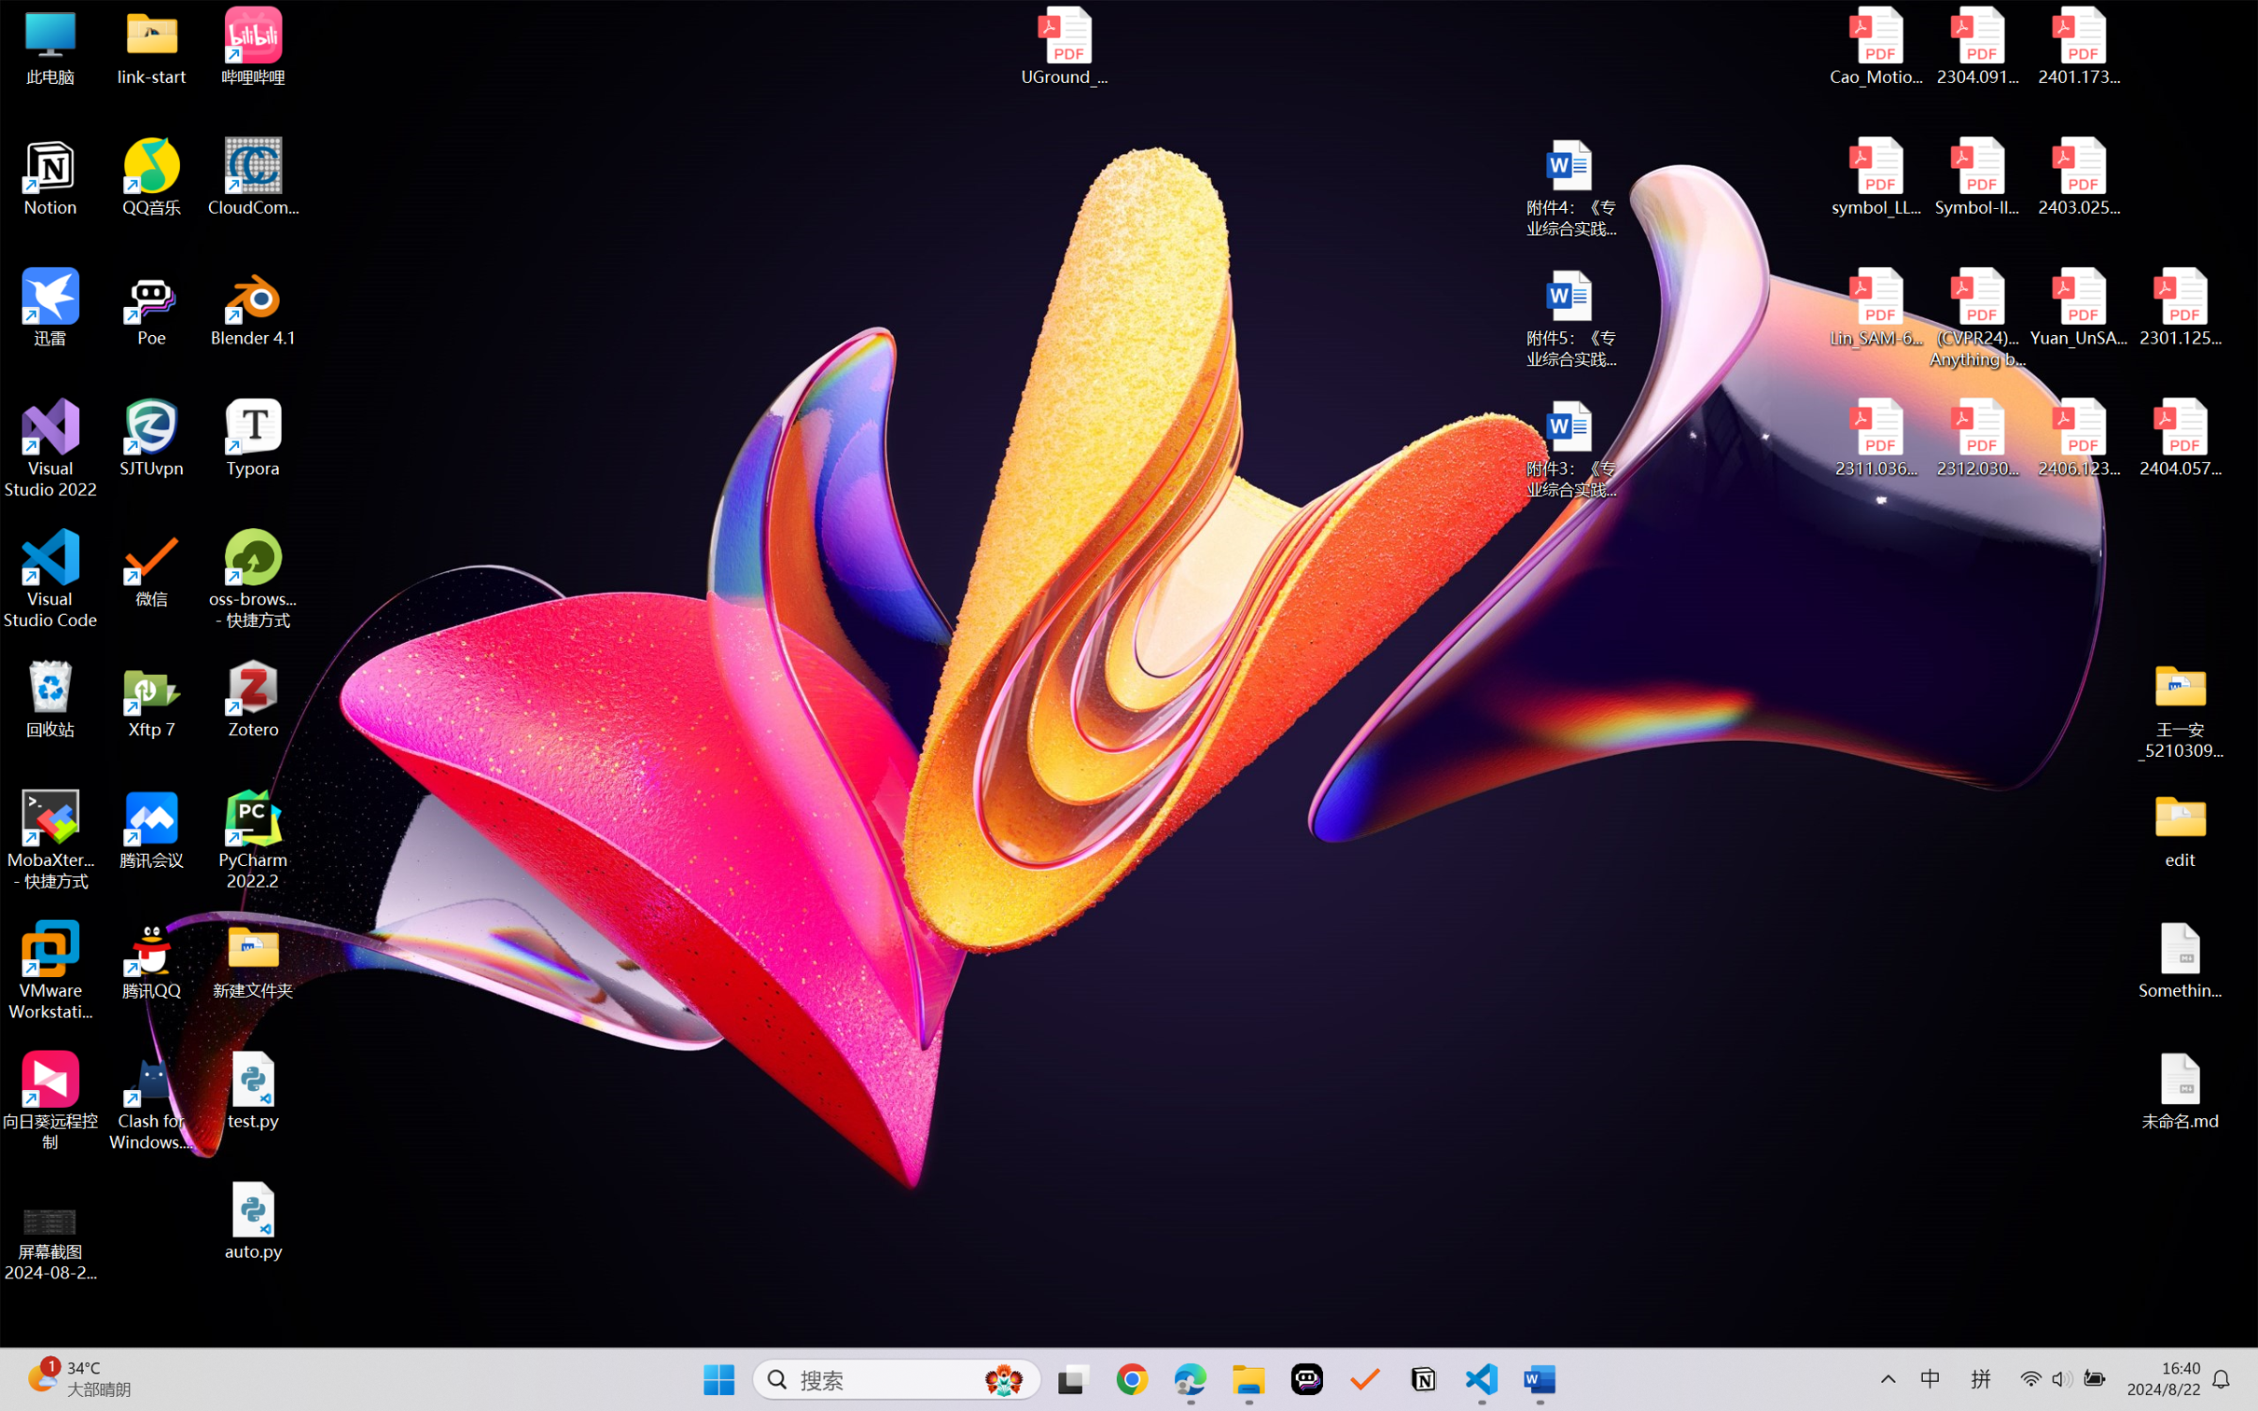  What do you see at coordinates (253, 438) in the screenshot?
I see `'Typora'` at bounding box center [253, 438].